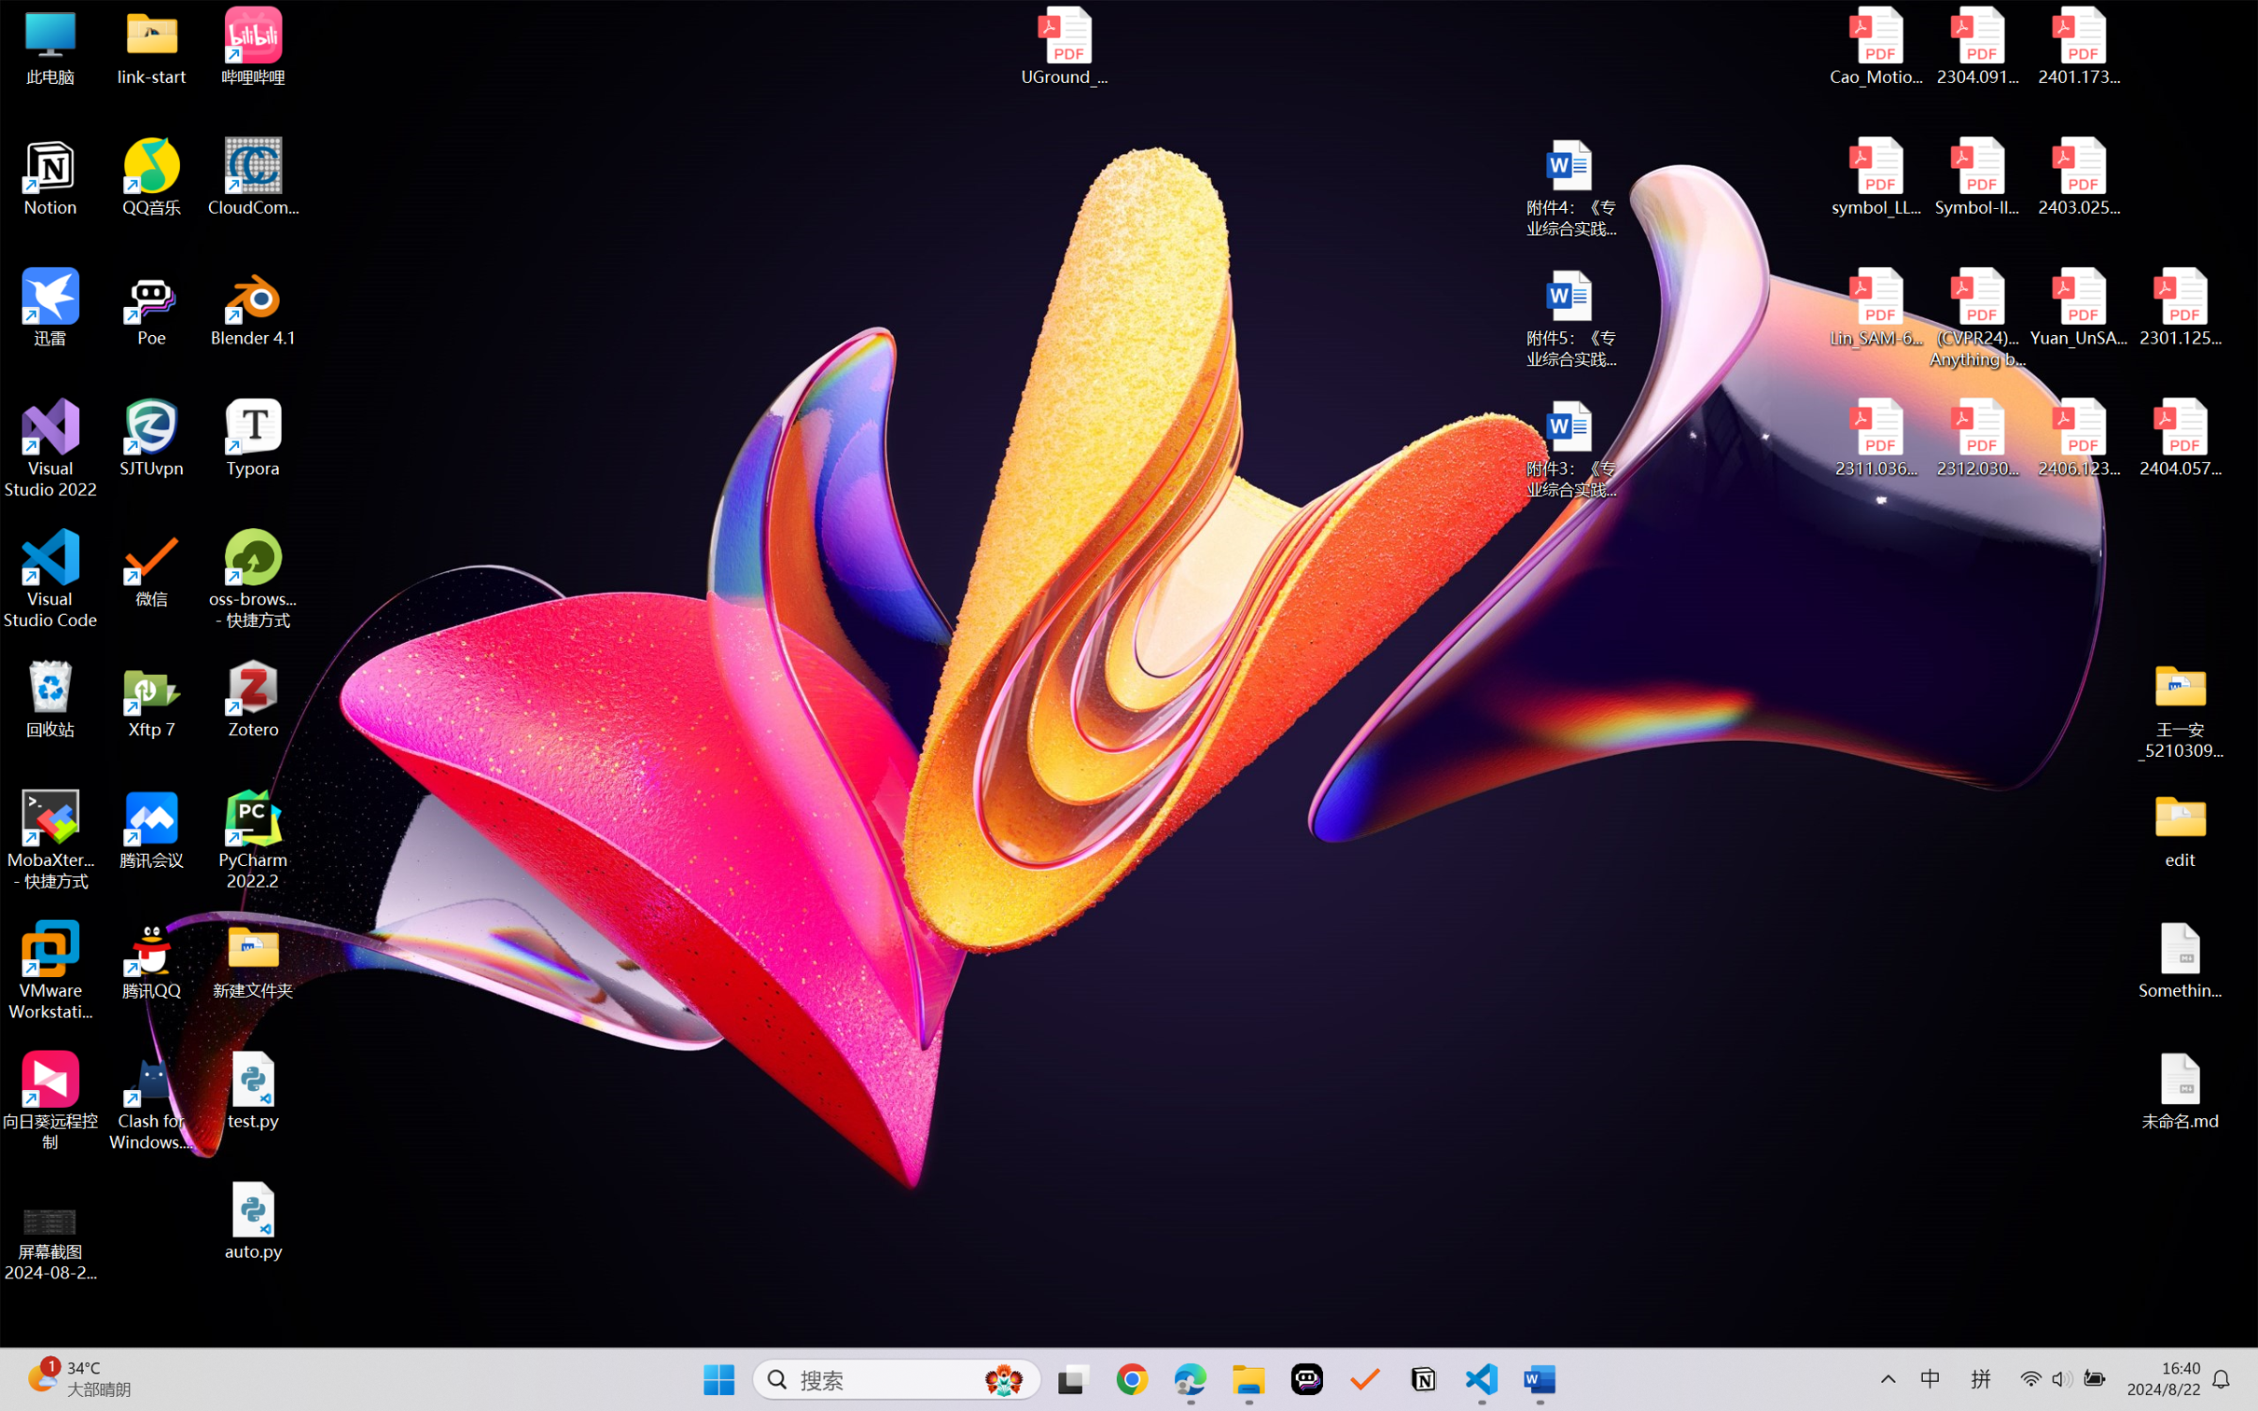  What do you see at coordinates (253, 438) in the screenshot?
I see `'Typora'` at bounding box center [253, 438].